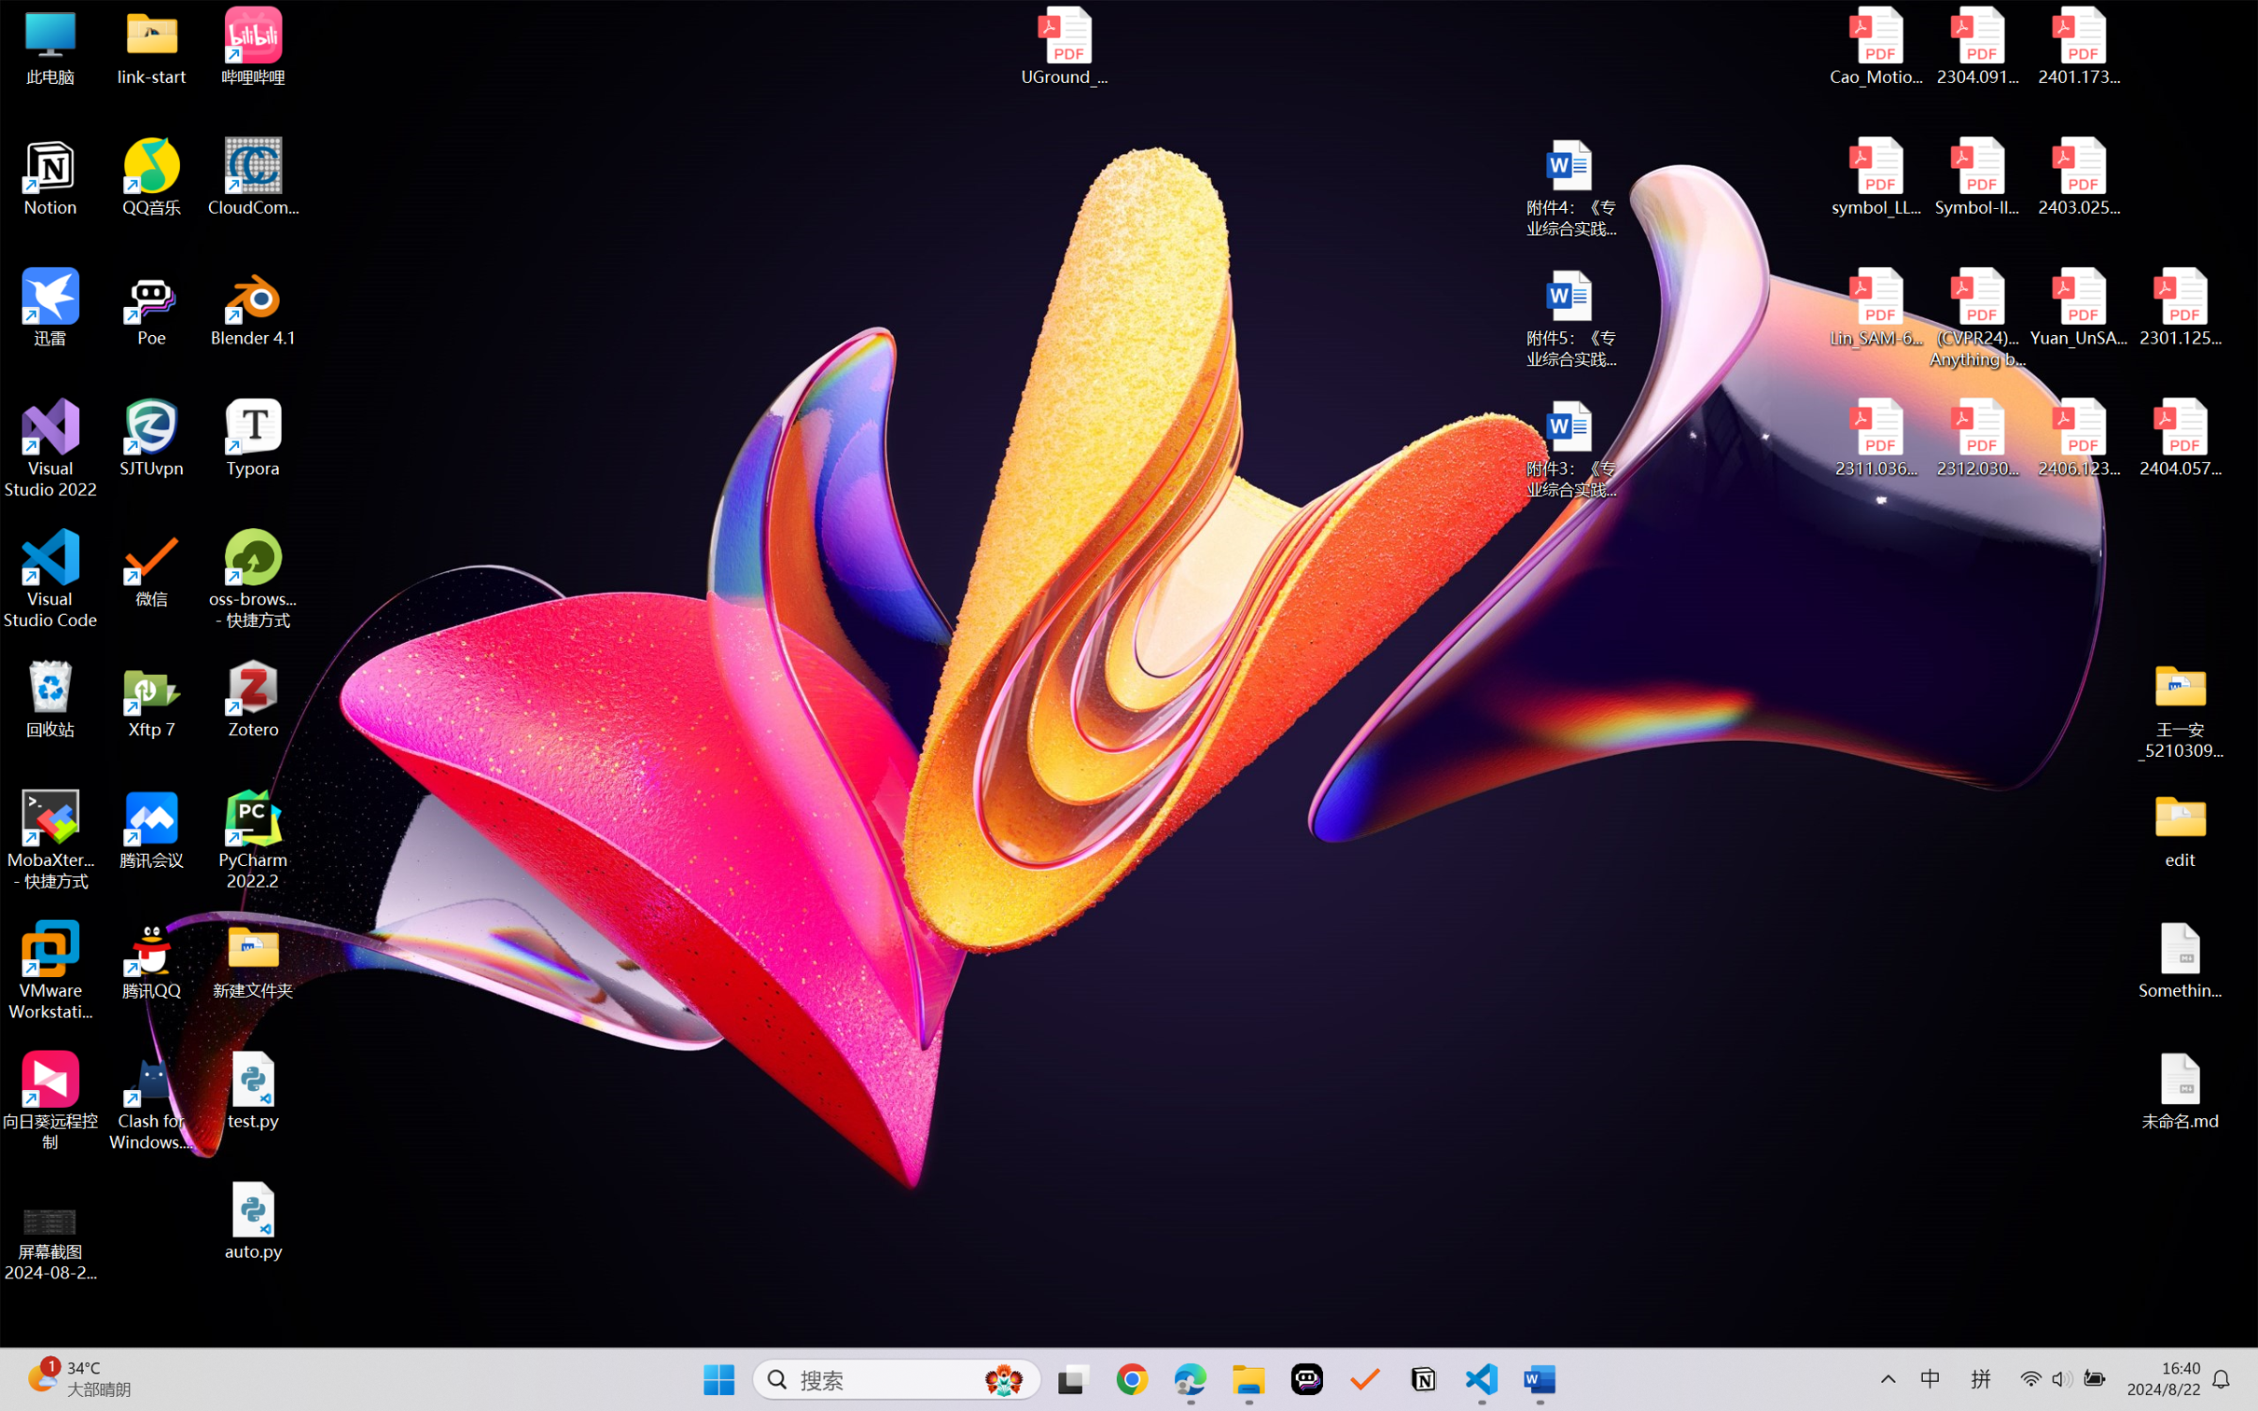  What do you see at coordinates (253, 438) in the screenshot?
I see `'Typora'` at bounding box center [253, 438].